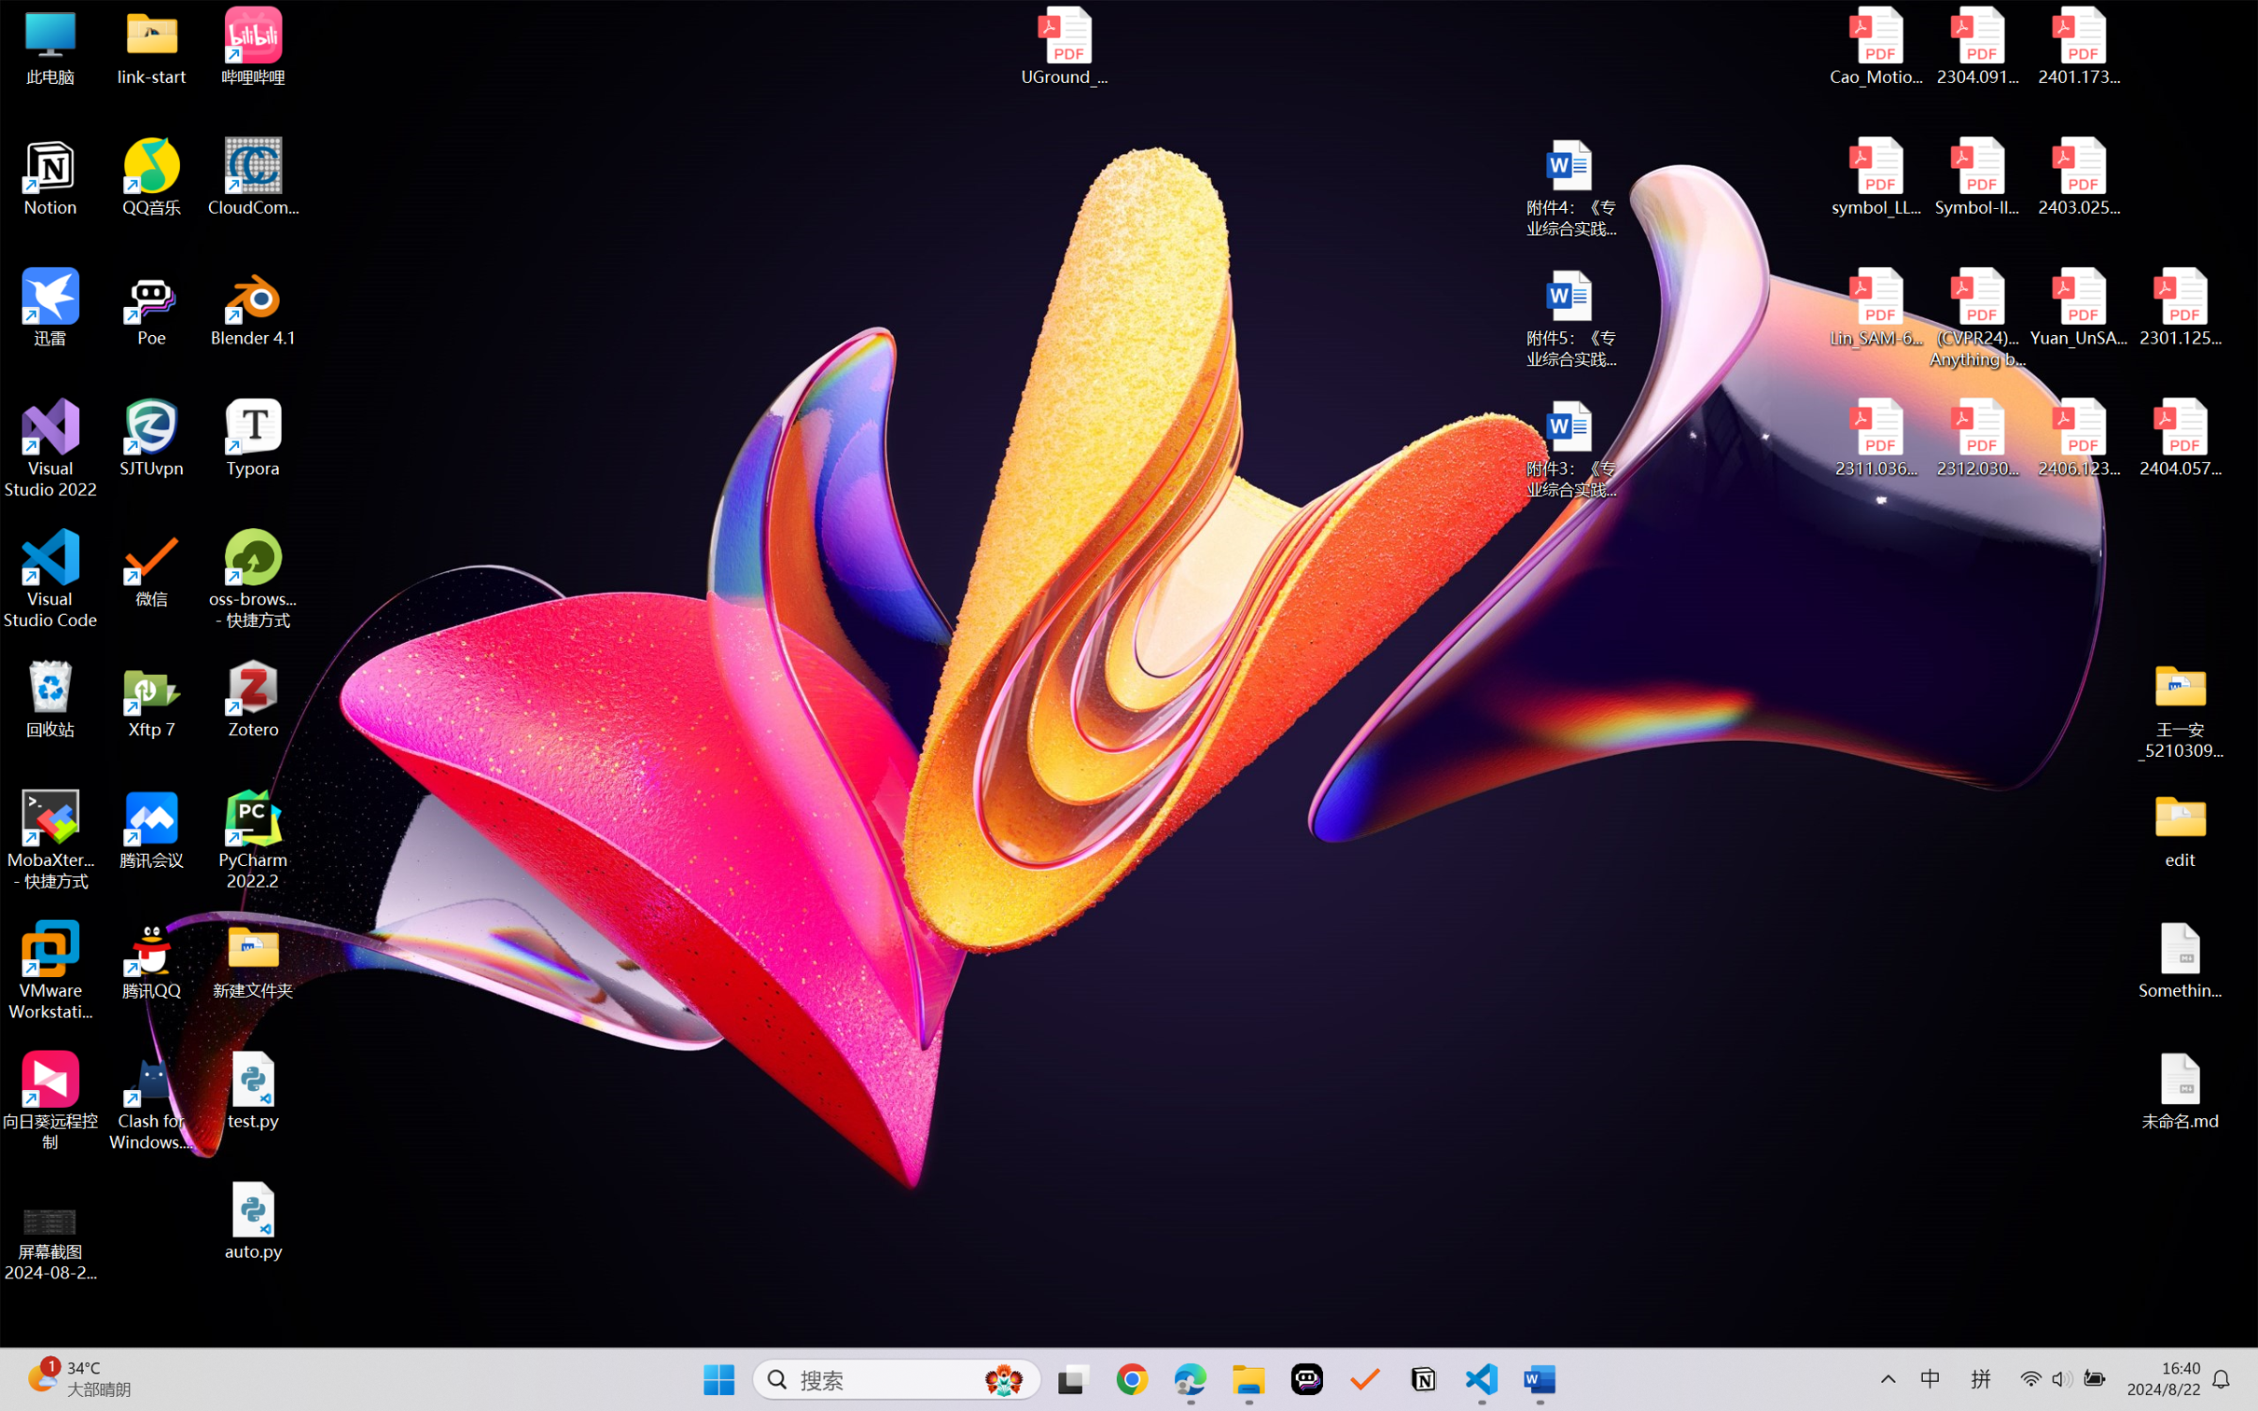  What do you see at coordinates (253, 438) in the screenshot?
I see `'Typora'` at bounding box center [253, 438].